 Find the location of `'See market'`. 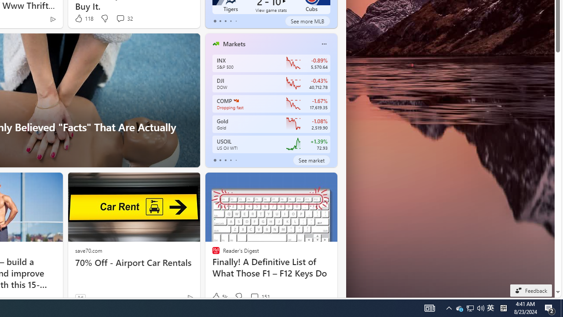

'See market' is located at coordinates (311, 160).